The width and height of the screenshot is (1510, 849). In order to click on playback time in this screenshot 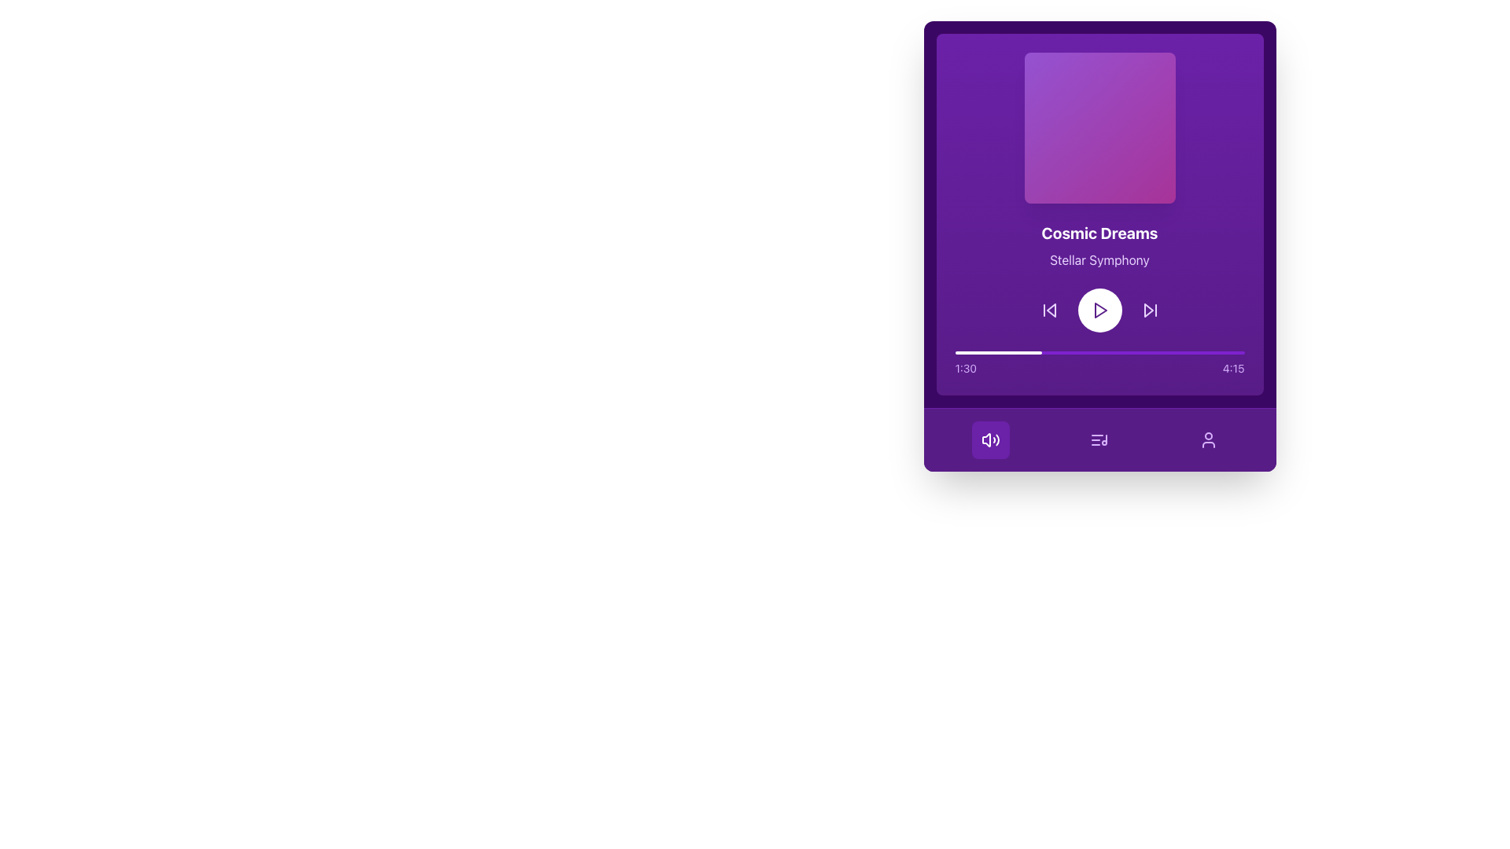, I will do `click(959, 351)`.